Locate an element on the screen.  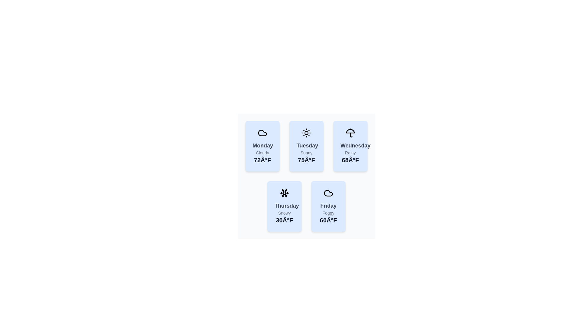
the weather information card for Thursday, which displays a snowflake icon, the day 'Thursday' in bold, the description 'Snowy', and the temperature '30°F' is located at coordinates (279, 202).